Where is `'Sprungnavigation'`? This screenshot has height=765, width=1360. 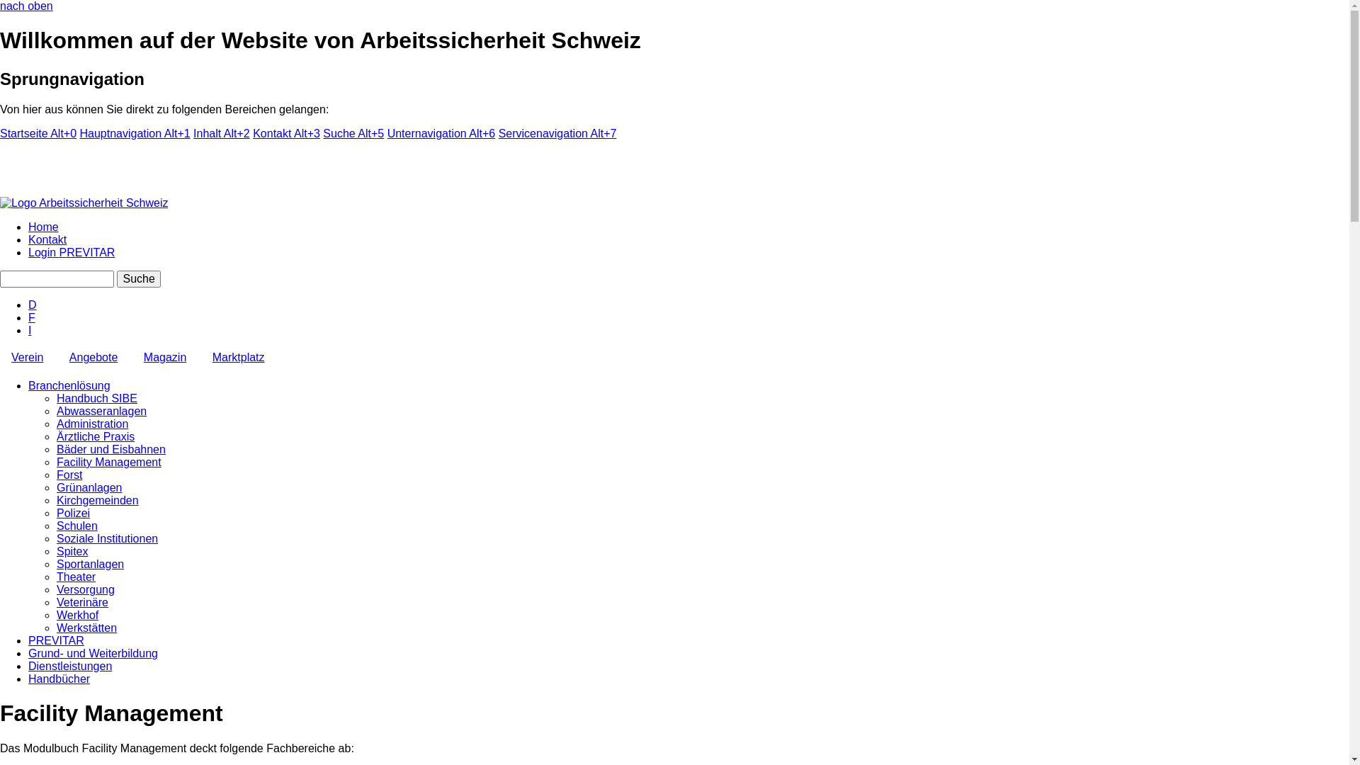
'Sprungnavigation' is located at coordinates (71, 79).